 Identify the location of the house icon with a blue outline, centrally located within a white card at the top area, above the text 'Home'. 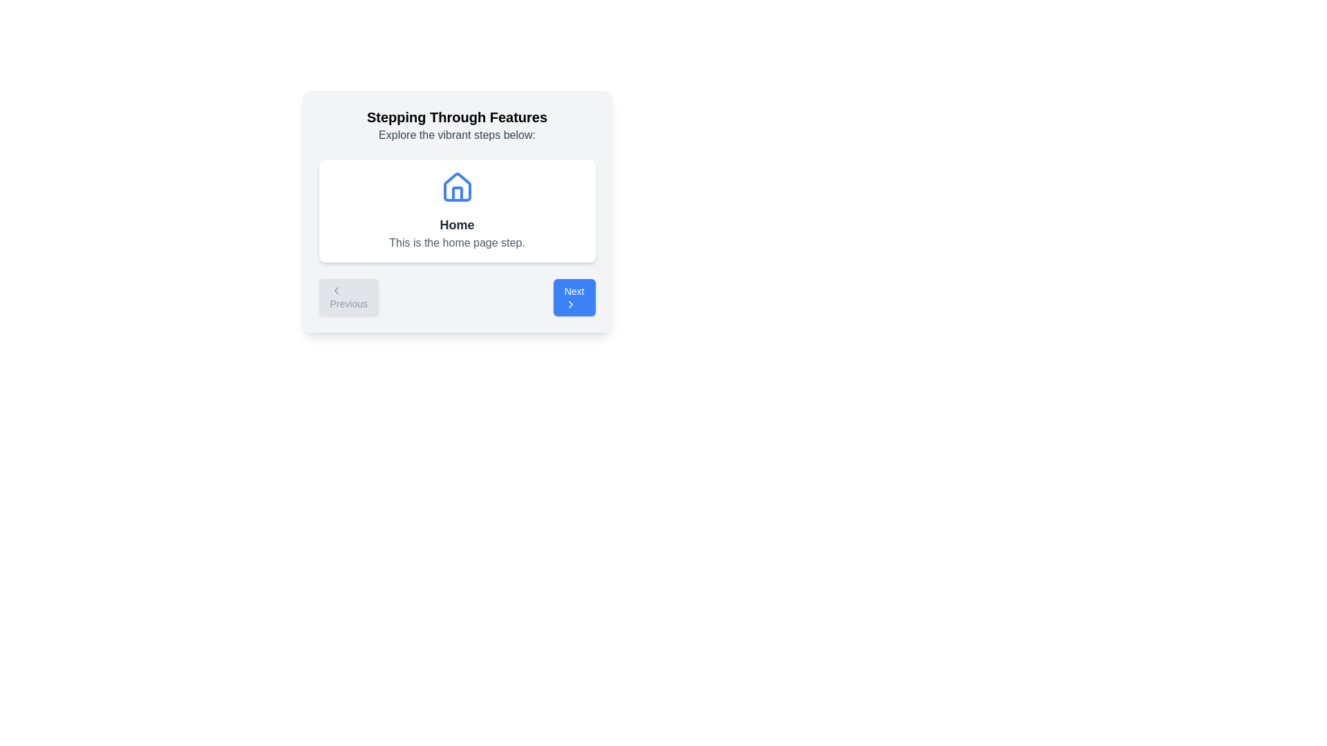
(457, 188).